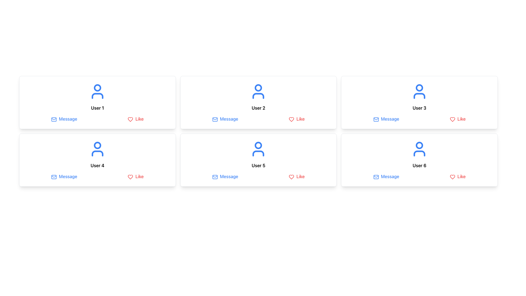 The image size is (526, 296). What do you see at coordinates (130, 177) in the screenshot?
I see `the 'Like' icon located in the second row, first column of the grid layout, within the card component for 'User 4'` at bounding box center [130, 177].